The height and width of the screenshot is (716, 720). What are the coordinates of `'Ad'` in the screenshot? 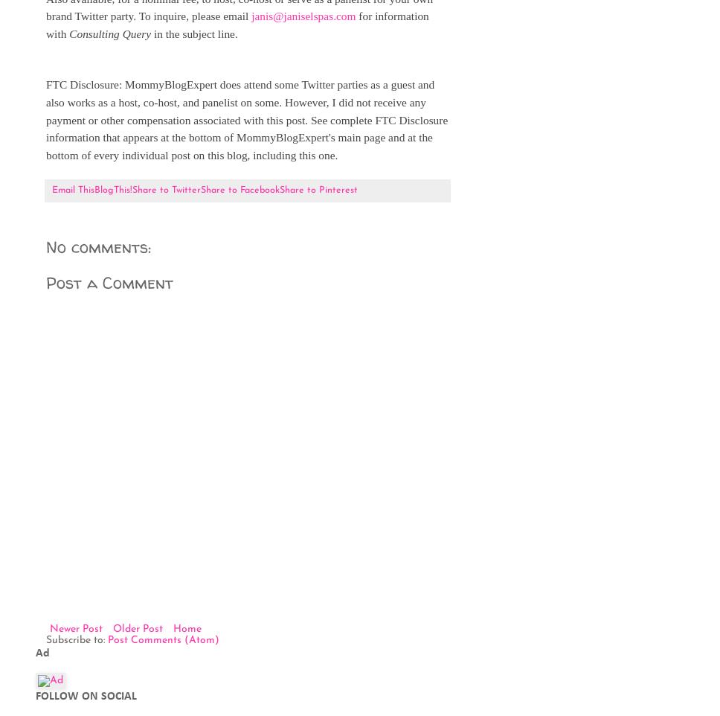 It's located at (42, 651).